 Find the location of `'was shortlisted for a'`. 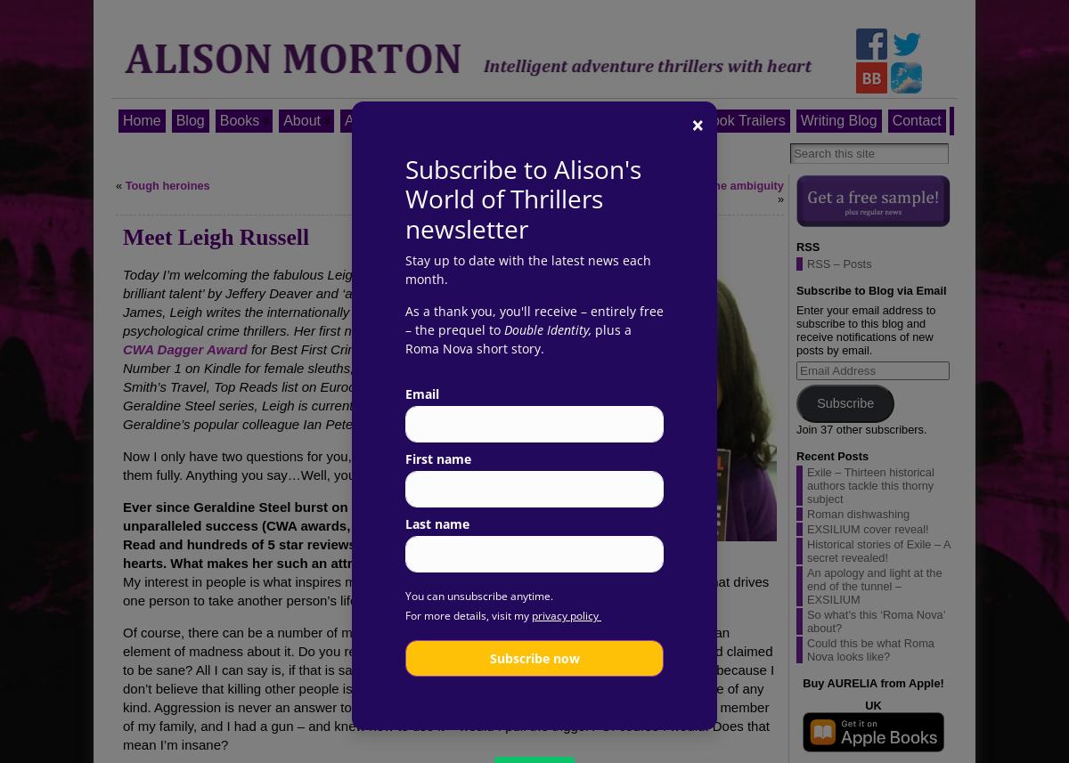

'was shortlisted for a' is located at coordinates (506, 329).